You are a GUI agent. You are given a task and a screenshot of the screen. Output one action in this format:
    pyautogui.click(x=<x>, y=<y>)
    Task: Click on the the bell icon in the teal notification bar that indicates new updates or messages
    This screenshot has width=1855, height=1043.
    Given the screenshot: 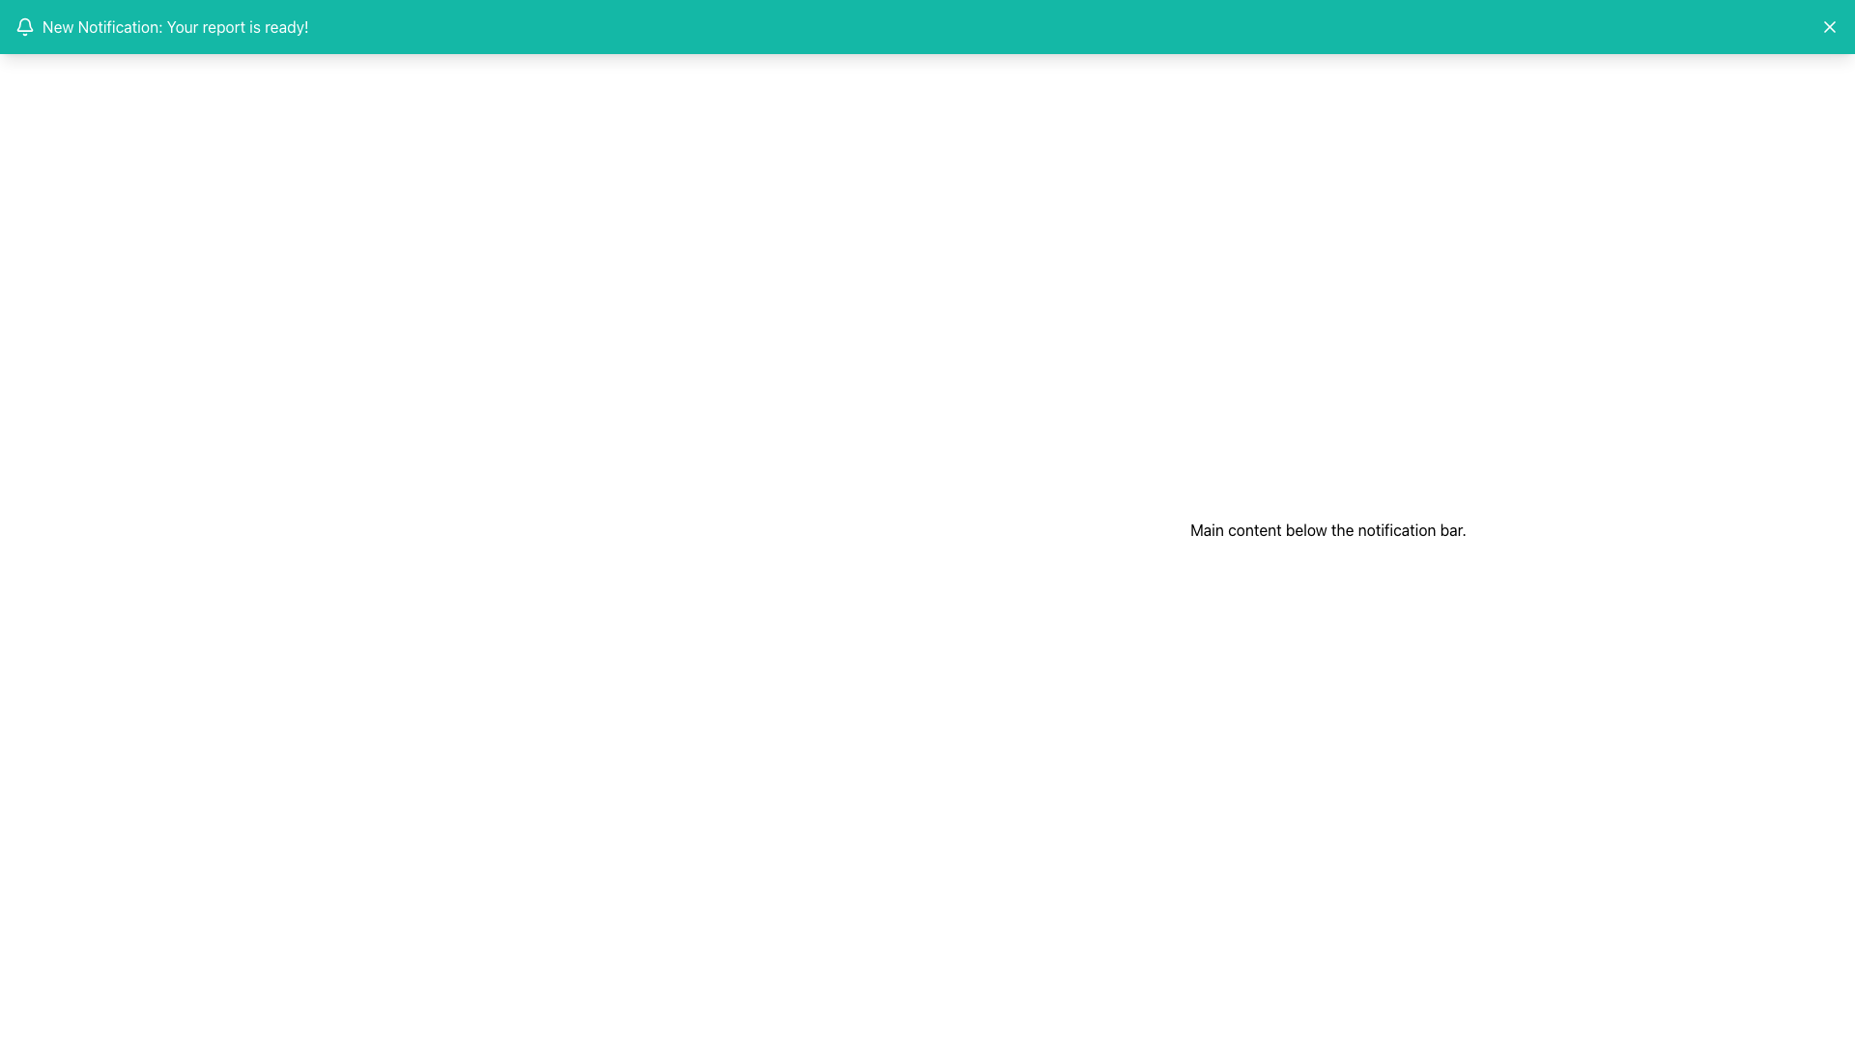 What is the action you would take?
    pyautogui.click(x=24, y=26)
    